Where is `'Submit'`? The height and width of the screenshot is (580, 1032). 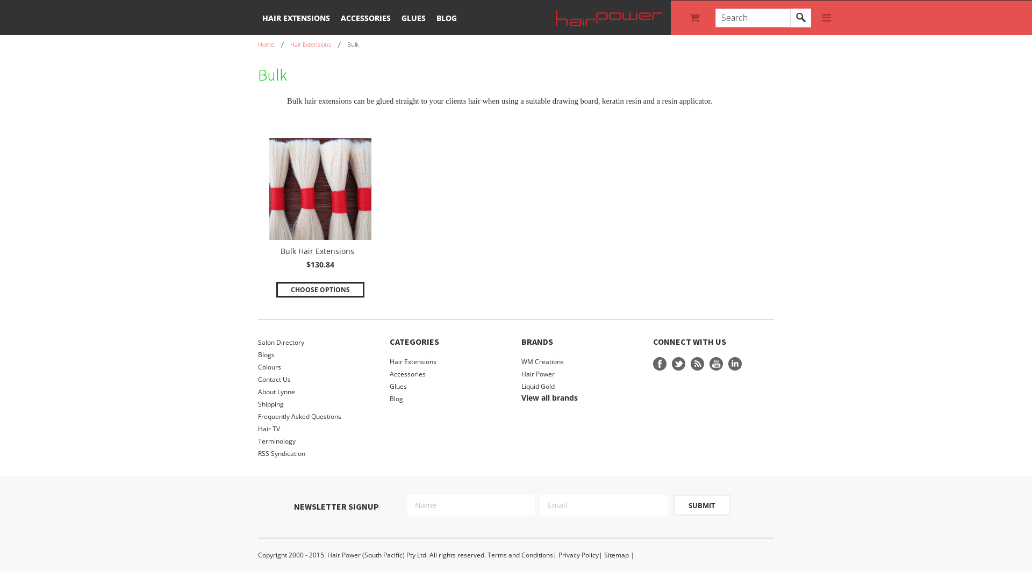 'Submit' is located at coordinates (701, 505).